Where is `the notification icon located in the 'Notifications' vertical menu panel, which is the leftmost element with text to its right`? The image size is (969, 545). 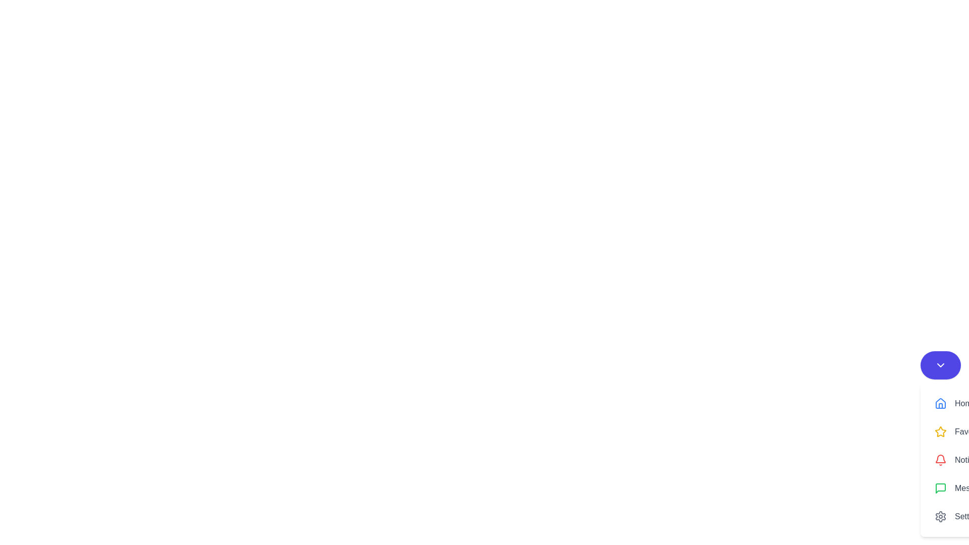 the notification icon located in the 'Notifications' vertical menu panel, which is the leftmost element with text to its right is located at coordinates (940, 460).